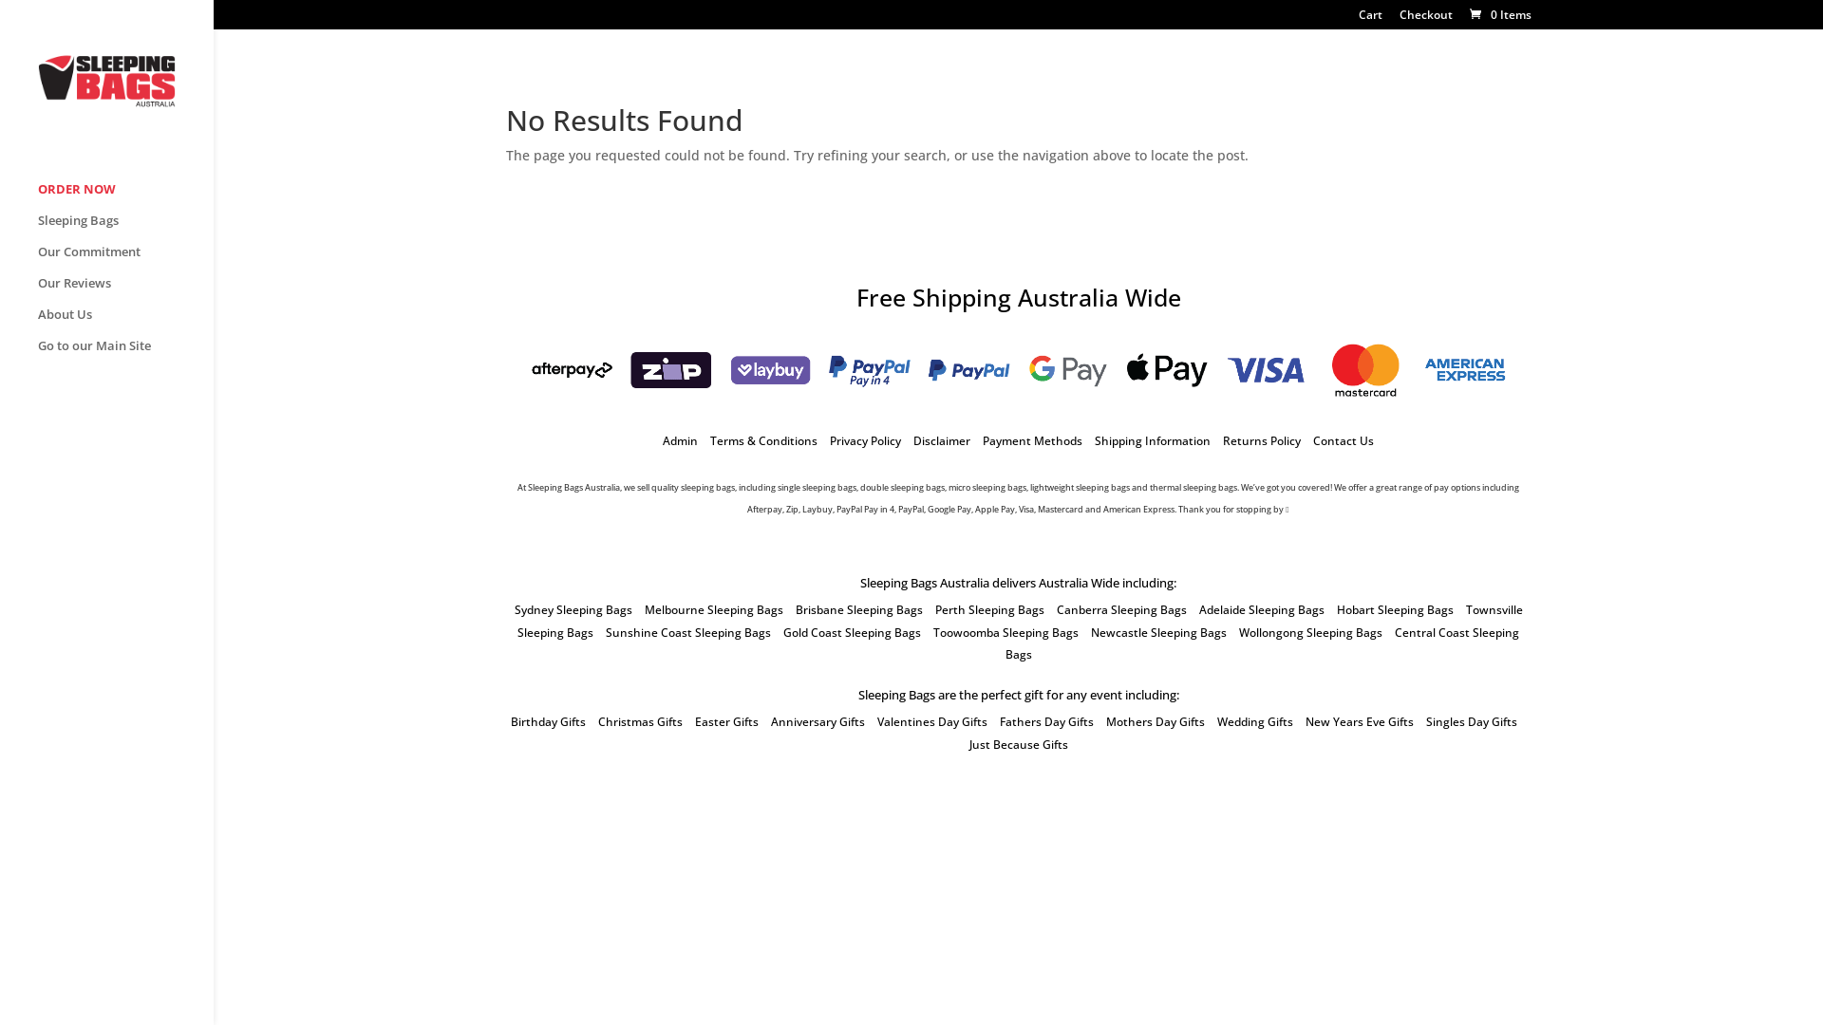 The width and height of the screenshot is (1823, 1025). What do you see at coordinates (680, 440) in the screenshot?
I see `'Admin'` at bounding box center [680, 440].